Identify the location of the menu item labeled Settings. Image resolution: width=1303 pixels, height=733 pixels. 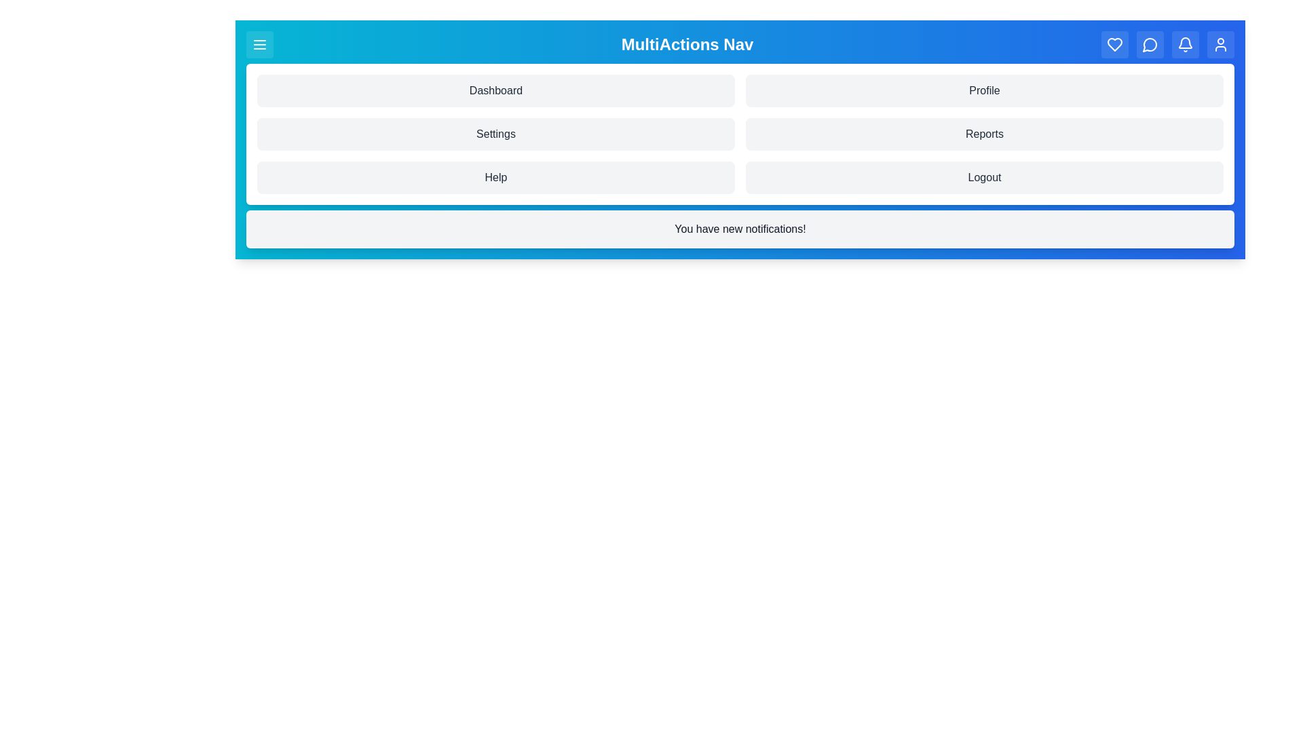
(495, 134).